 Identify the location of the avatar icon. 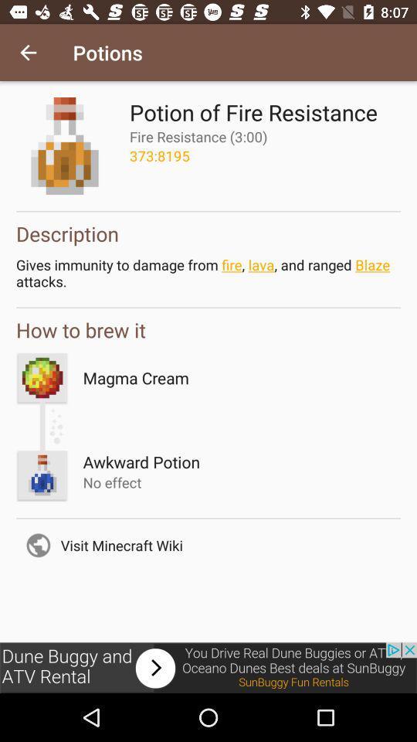
(42, 377).